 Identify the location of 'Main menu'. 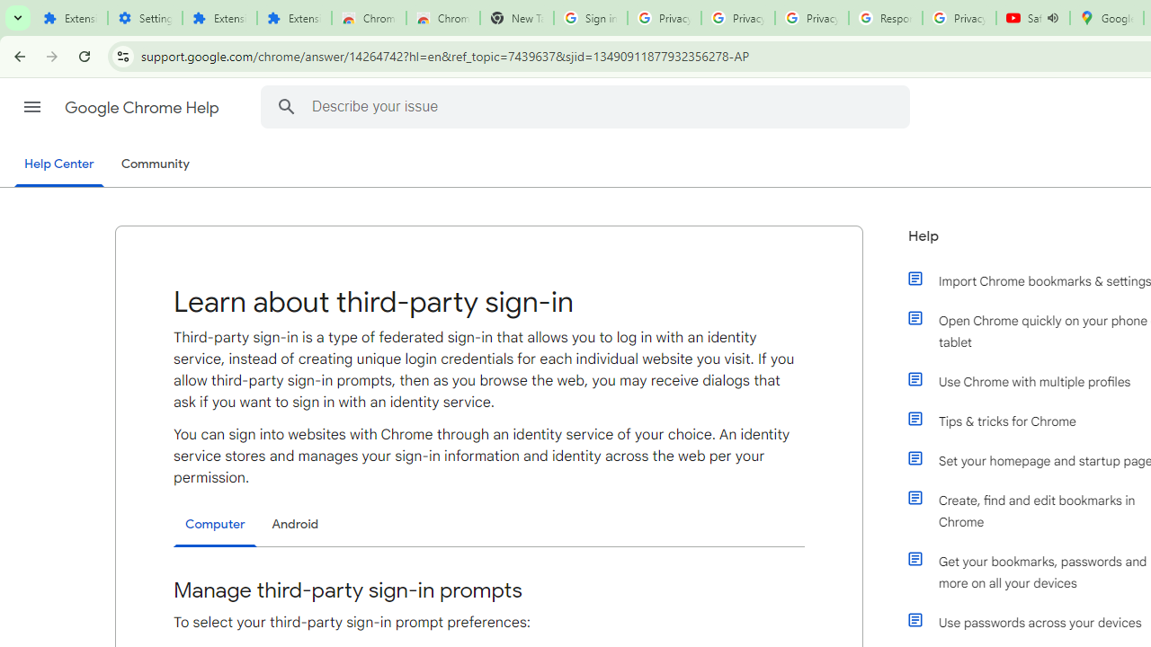
(31, 107).